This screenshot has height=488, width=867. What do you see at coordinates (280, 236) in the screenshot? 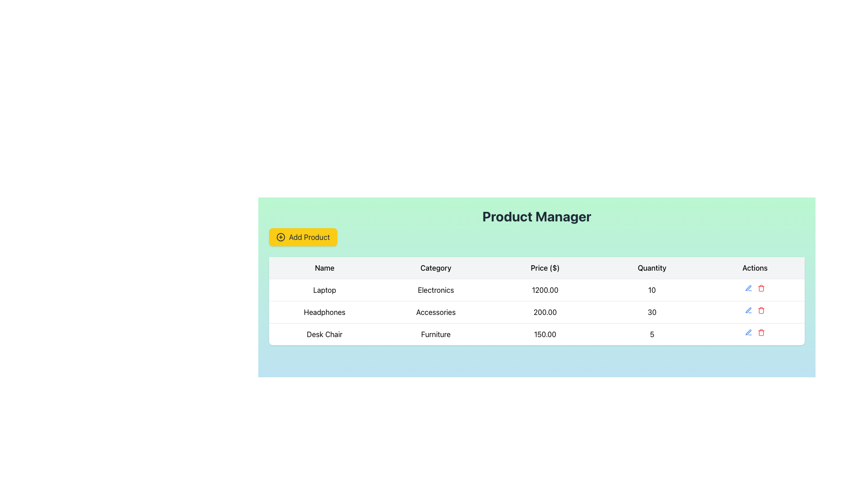
I see `the circular '+' icon located to the left of the yellow 'Add Product' button` at bounding box center [280, 236].